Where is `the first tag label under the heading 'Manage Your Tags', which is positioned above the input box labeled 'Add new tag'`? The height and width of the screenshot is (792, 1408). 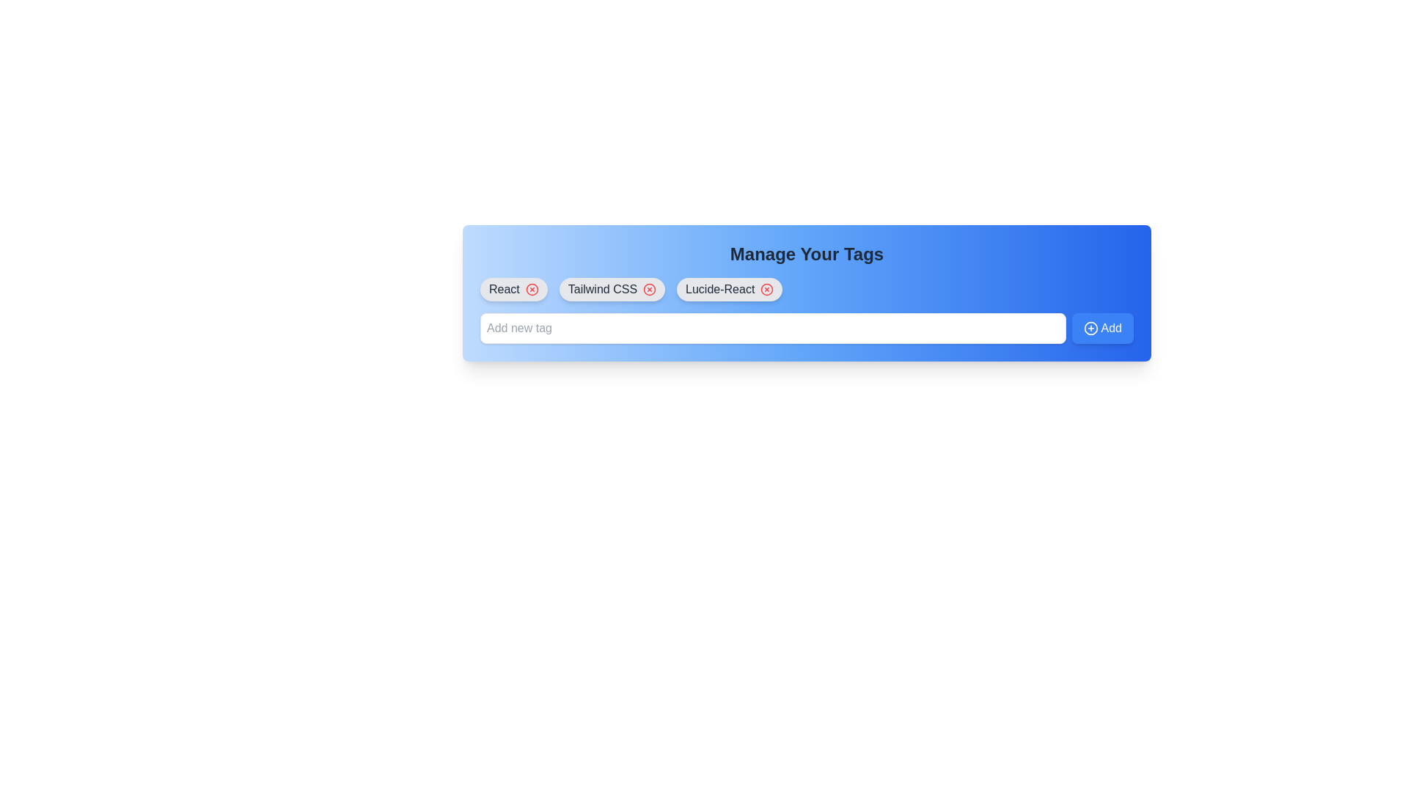 the first tag label under the heading 'Manage Your Tags', which is positioned above the input box labeled 'Add new tag' is located at coordinates (504, 289).